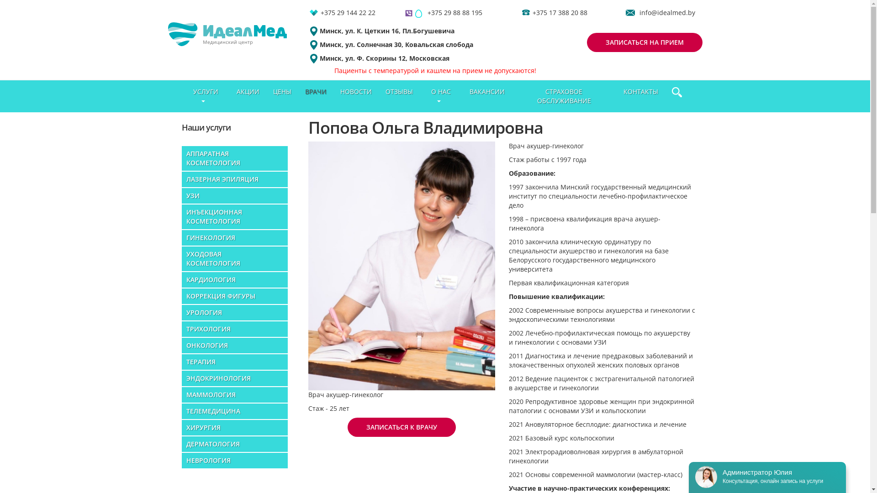 This screenshot has width=877, height=493. Describe the element at coordinates (455, 12) in the screenshot. I see `'+375 29 88 88 195'` at that location.